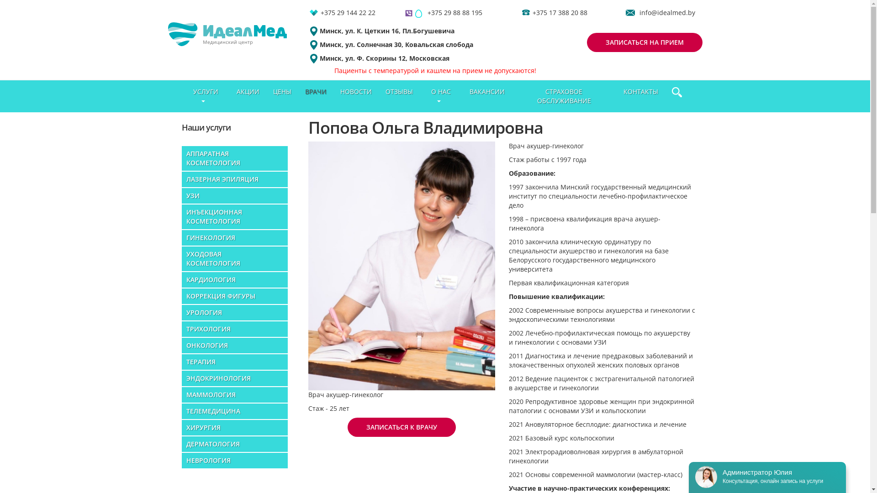 This screenshot has width=877, height=493. Describe the element at coordinates (455, 12) in the screenshot. I see `'+375 29 88 88 195'` at that location.